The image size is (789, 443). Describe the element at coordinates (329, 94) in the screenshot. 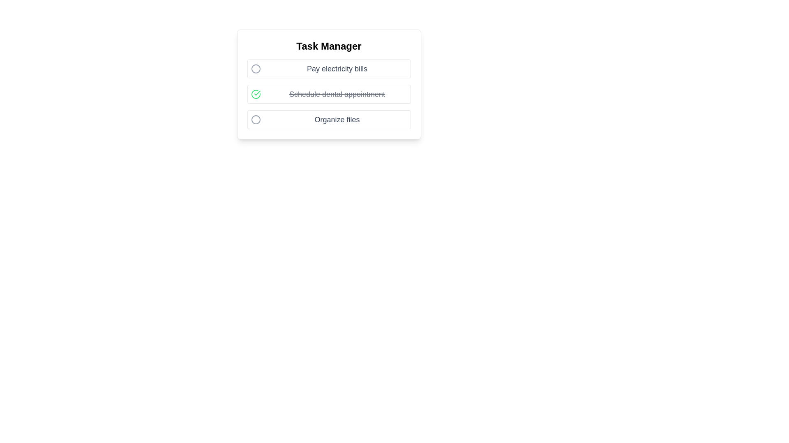

I see `the completed task item for 'Schedule dental appointment' in the Task Manager section` at that location.